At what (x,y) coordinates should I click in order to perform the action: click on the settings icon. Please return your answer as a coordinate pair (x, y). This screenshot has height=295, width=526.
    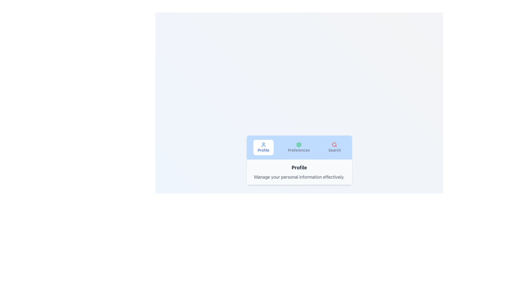
    Looking at the image, I should click on (298, 144).